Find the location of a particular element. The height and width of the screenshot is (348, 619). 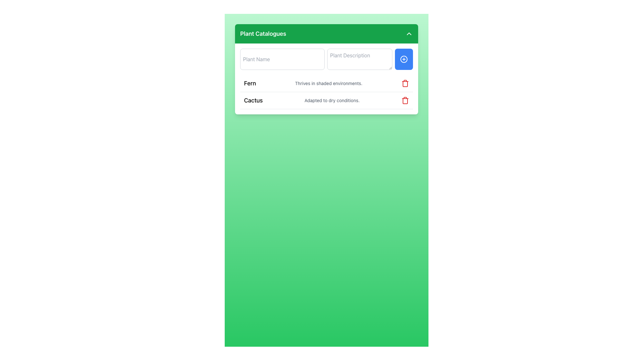

the small, upward-facing chevron icon button located near the top-right corner of the green header area titled 'Plant Catalogues' is located at coordinates (408, 34).